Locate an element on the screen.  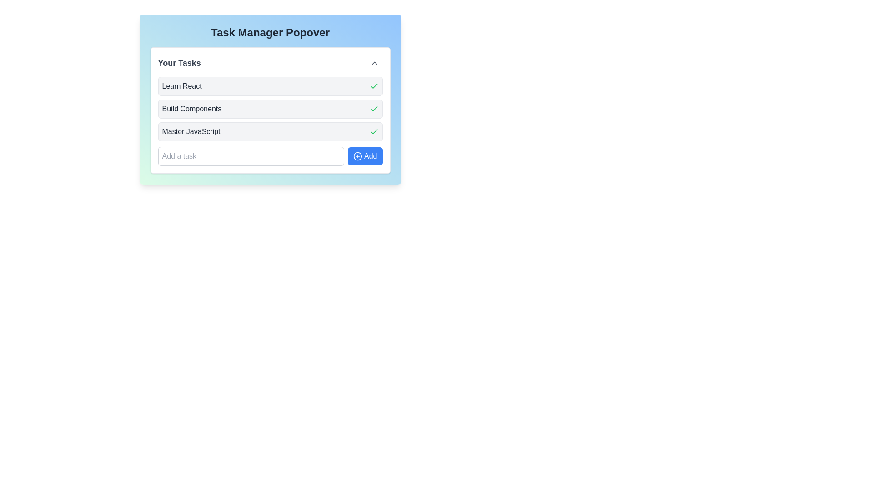
the icon within the 'Add' button located in the 'Task Manager Popover' is located at coordinates (357, 155).